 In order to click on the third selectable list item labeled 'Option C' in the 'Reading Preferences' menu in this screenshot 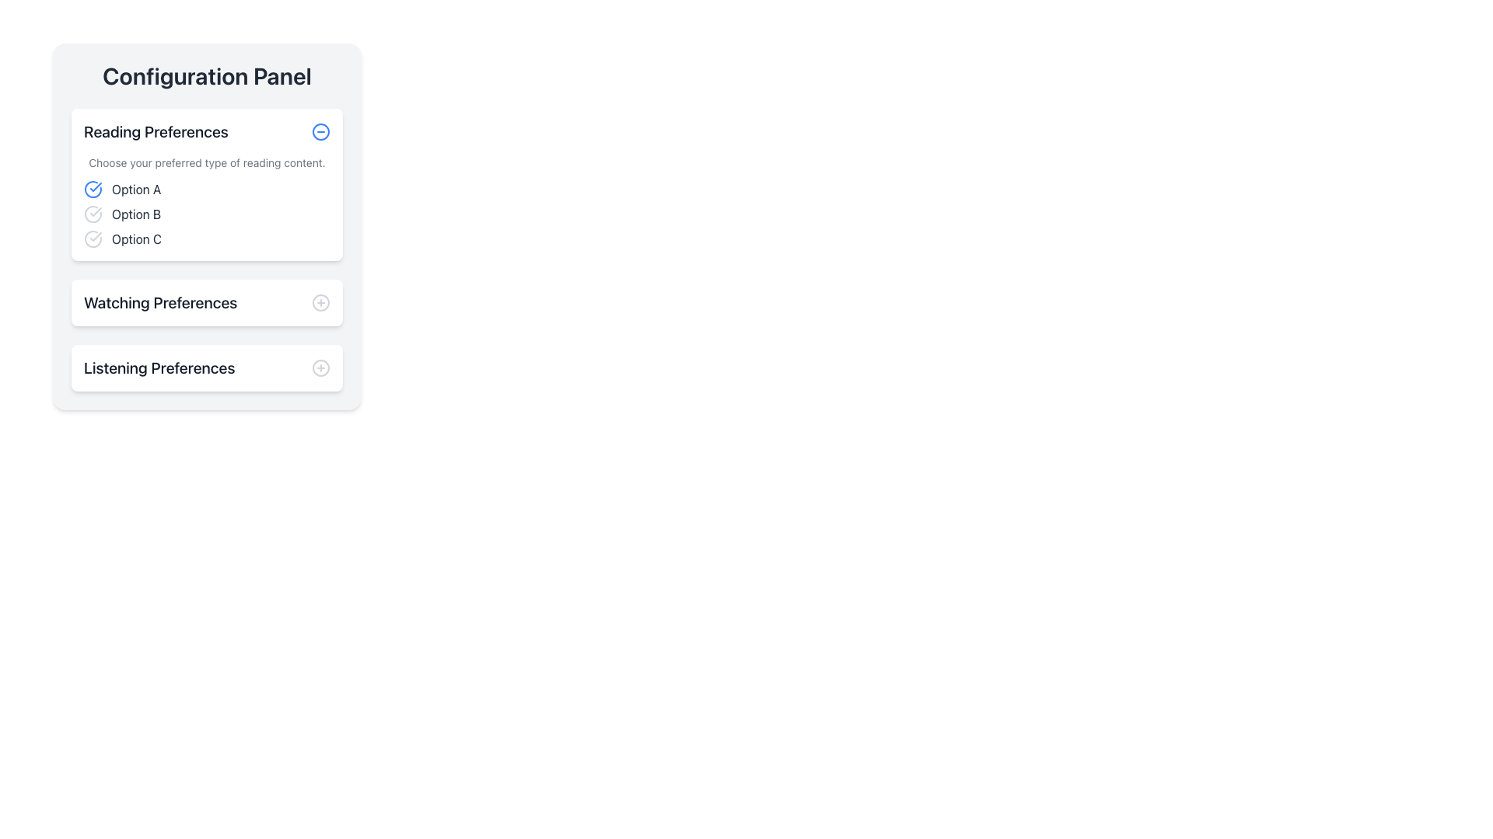, I will do `click(206, 239)`.